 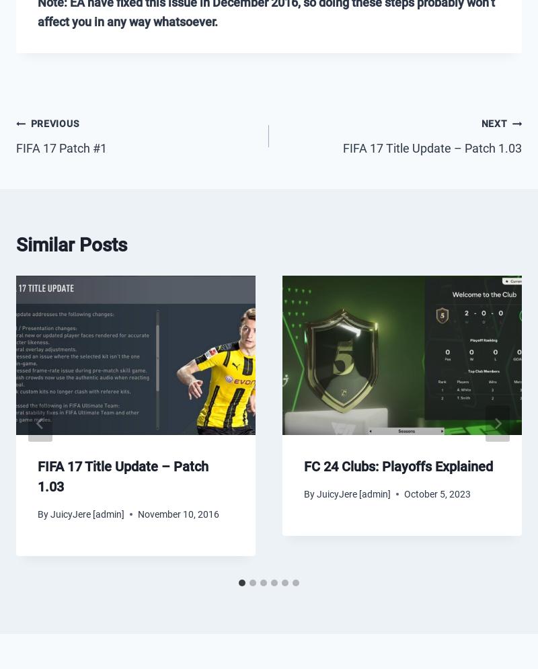 I want to click on 'Previous', so click(x=54, y=124).